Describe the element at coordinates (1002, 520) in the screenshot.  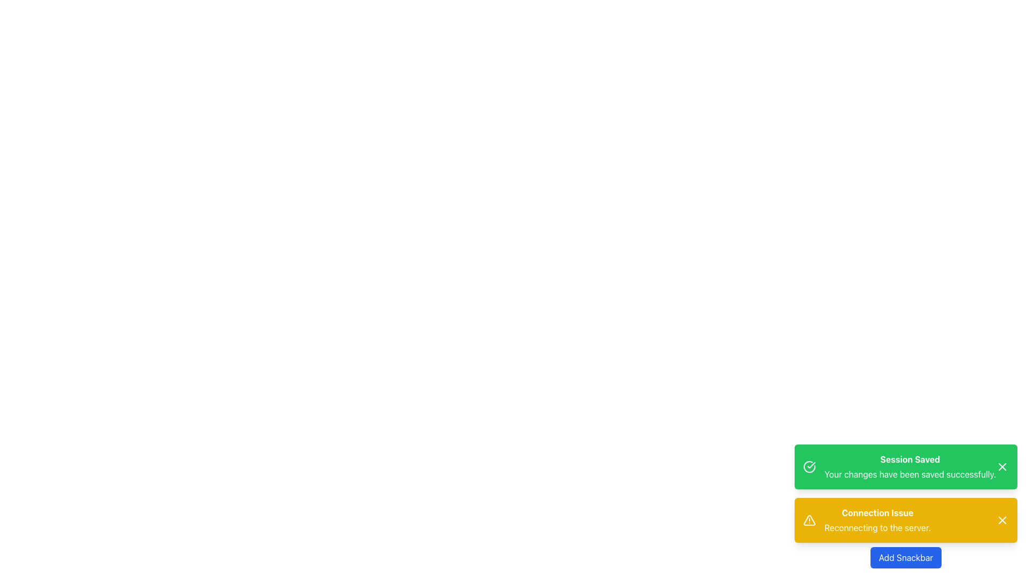
I see `the close button located in the top-right corner of the yellow alert dialog box displaying 'Connection Issue: Reconnecting to the server.'` at that location.